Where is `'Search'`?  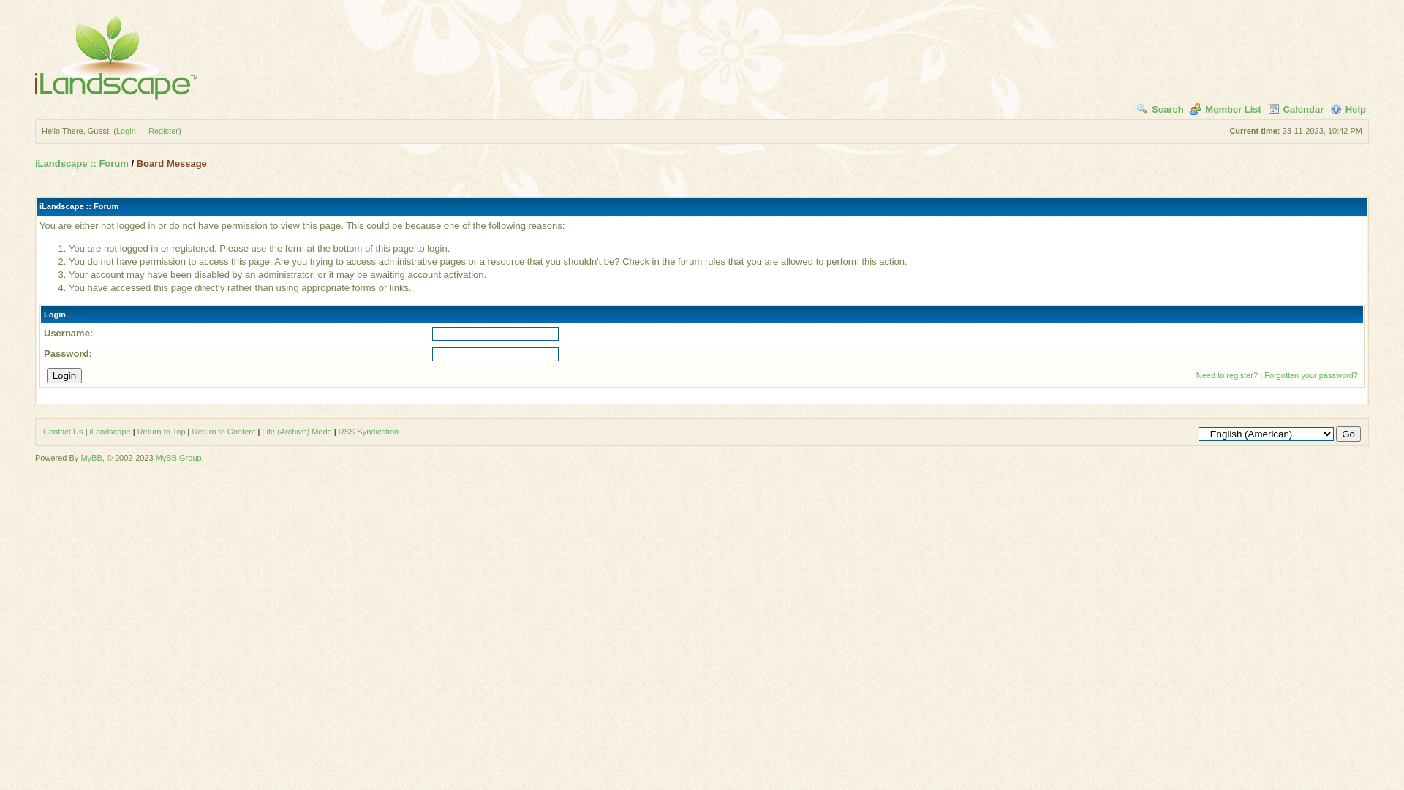
'Search' is located at coordinates (1136, 108).